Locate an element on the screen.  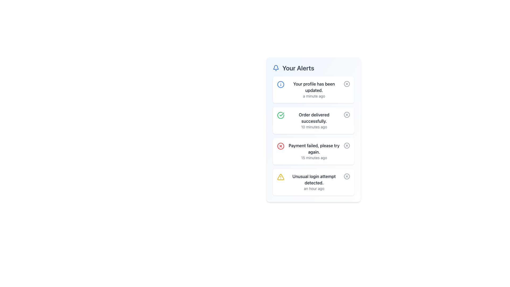
the alert icon in the fourth alert of the notification panel, which signals a warning about an unusual login attempt detected is located at coordinates (280, 177).